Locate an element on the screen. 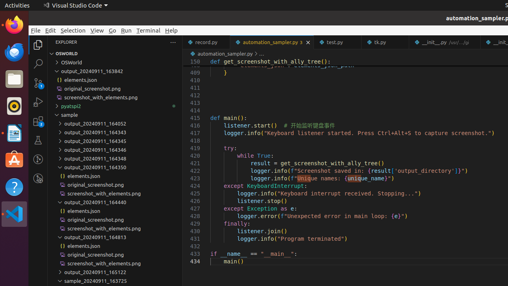  'output_20240911_164348' is located at coordinates (114, 158).